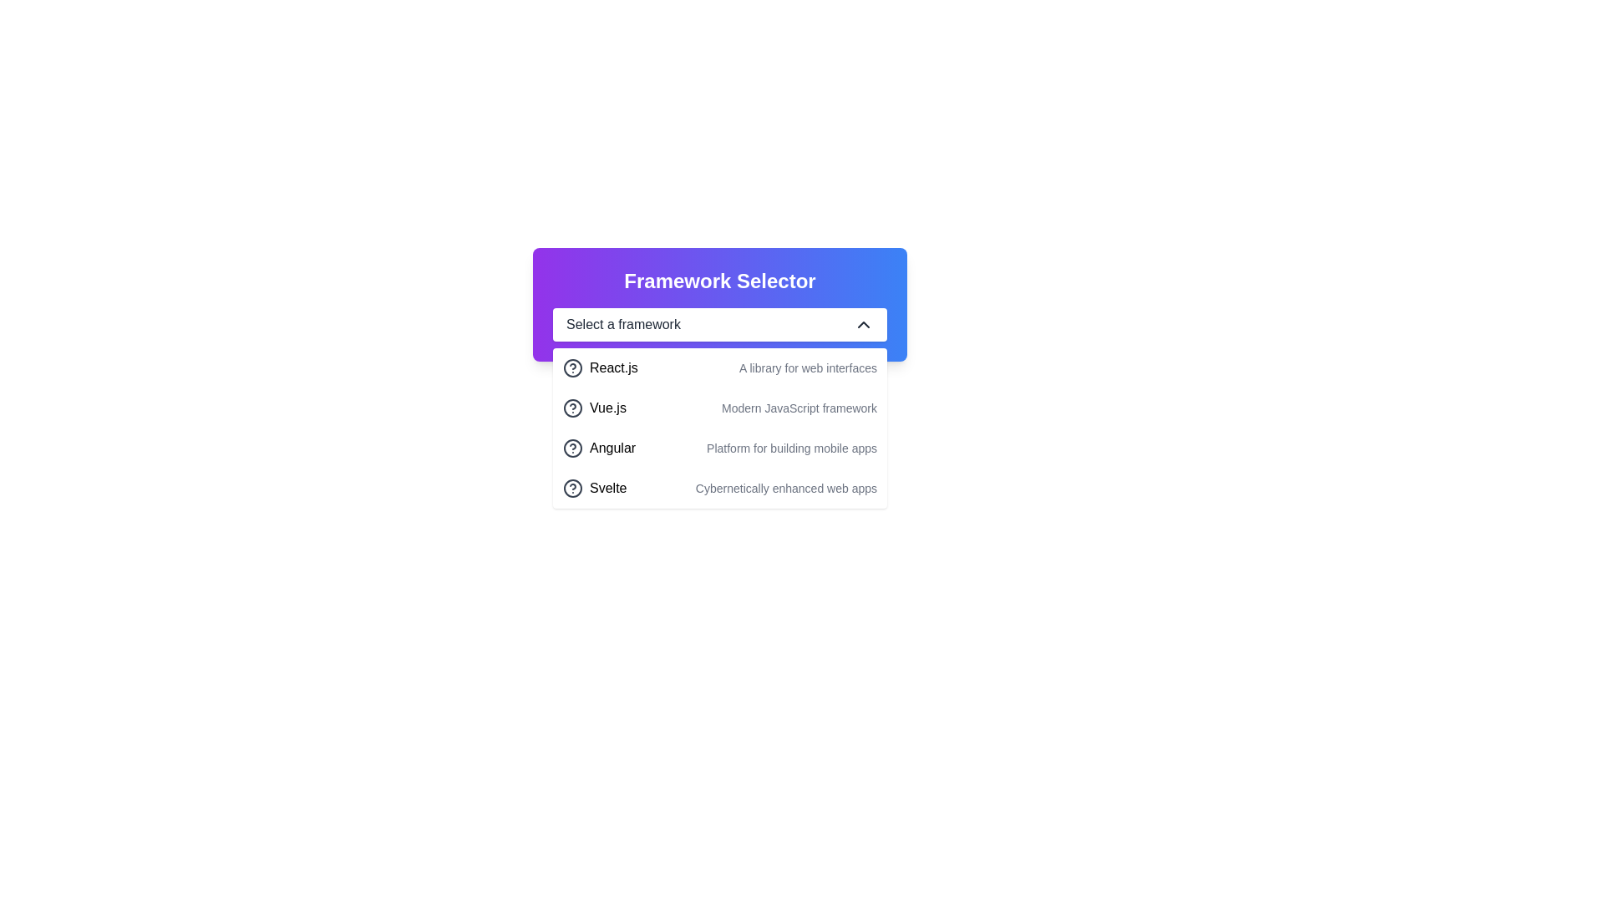 The image size is (1604, 902). What do you see at coordinates (573, 367) in the screenshot?
I see `the circular help icon with a question mark symbol located to the left of the 'React.js' text in the 'Framework Selector' dropdown` at bounding box center [573, 367].